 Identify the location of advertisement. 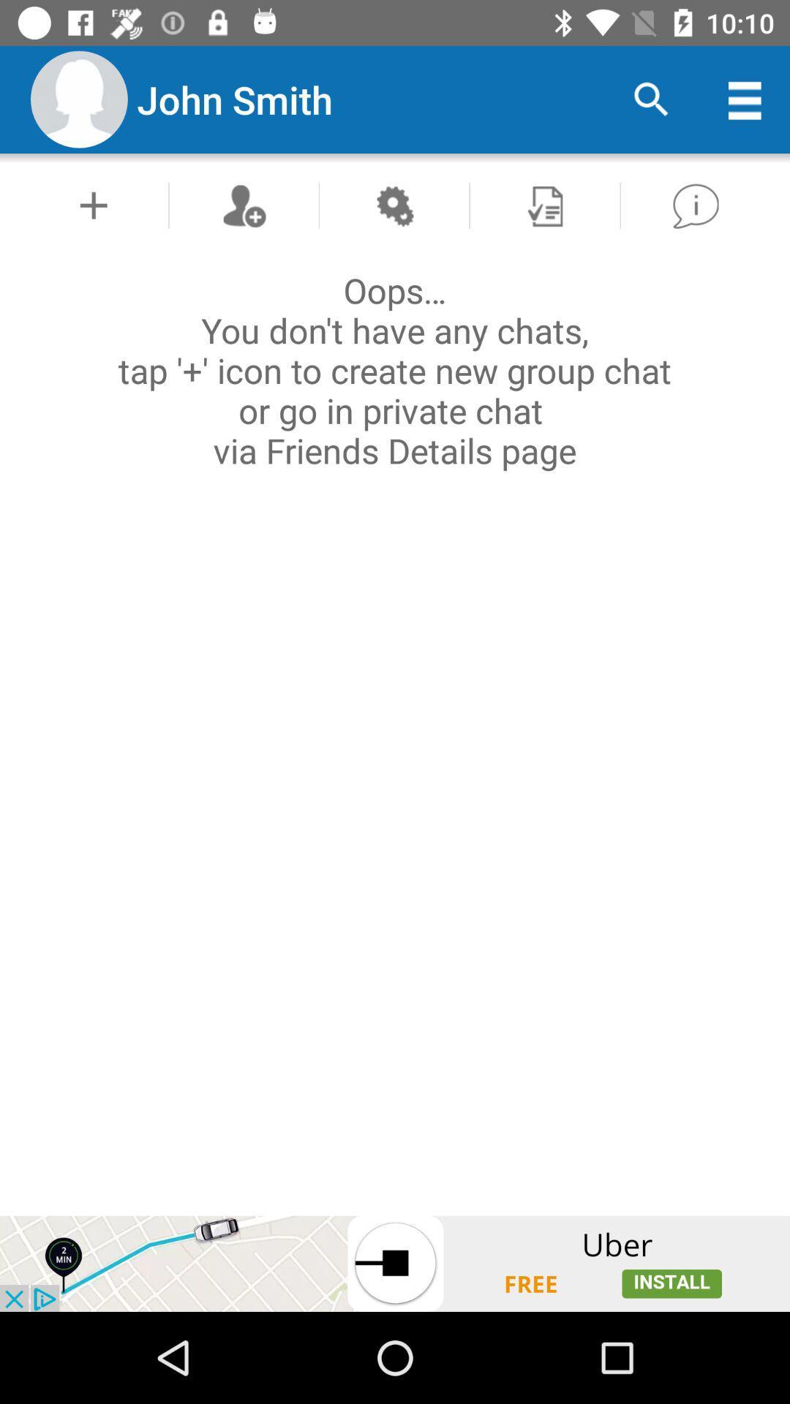
(395, 1263).